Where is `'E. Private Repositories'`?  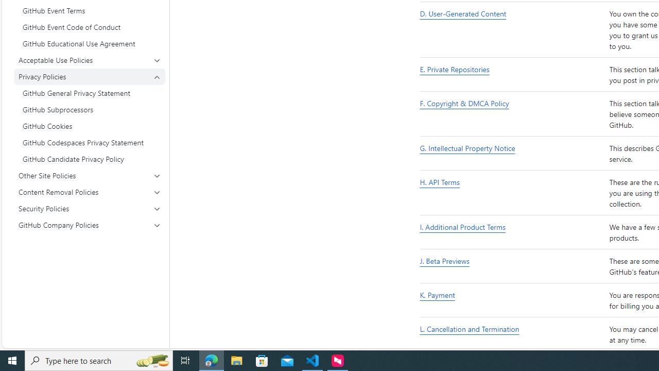
'E. Private Repositories' is located at coordinates (512, 74).